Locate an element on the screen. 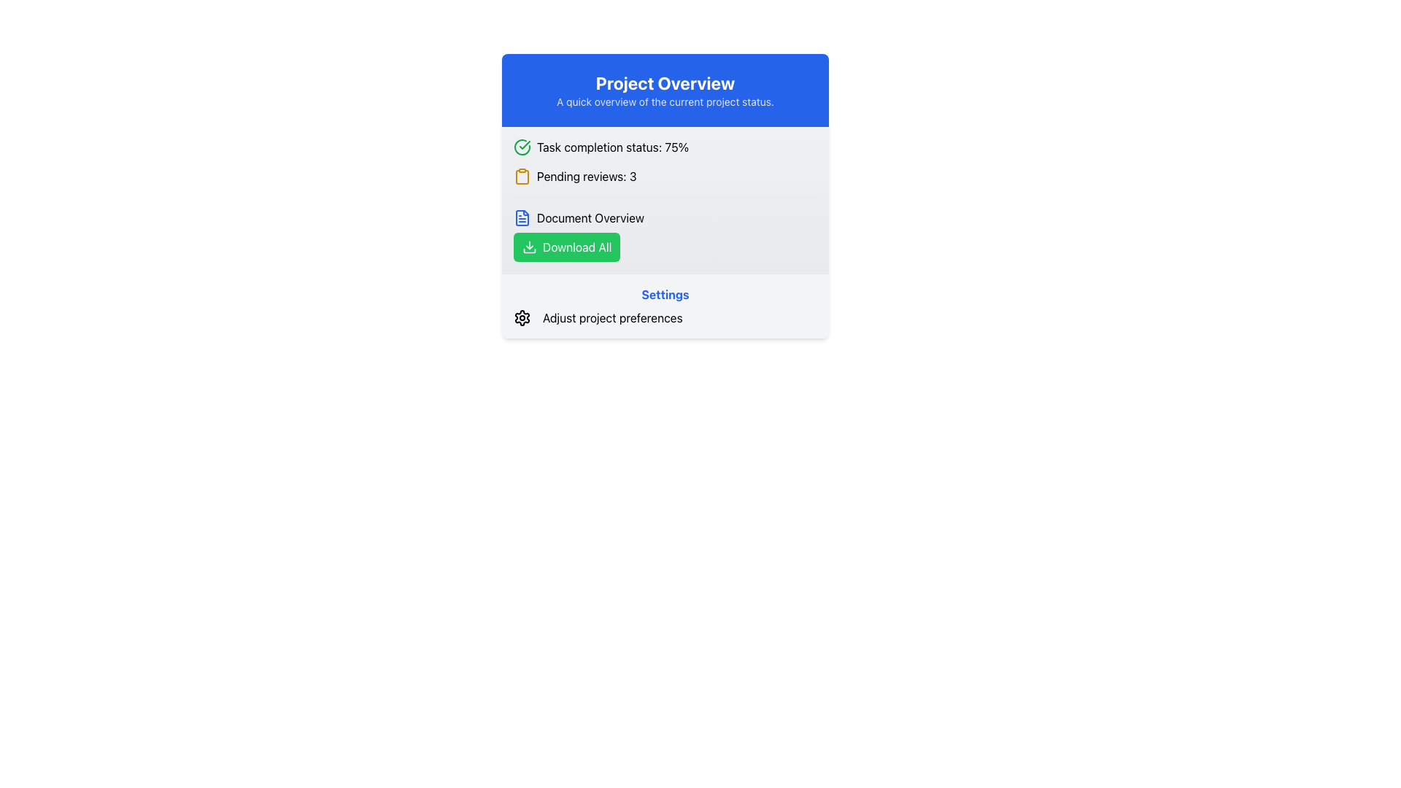 Image resolution: width=1401 pixels, height=788 pixels. the static text element that displays 'A quick overview of the current project status.' which is located directly below the header 'Project Overview' is located at coordinates (665, 101).